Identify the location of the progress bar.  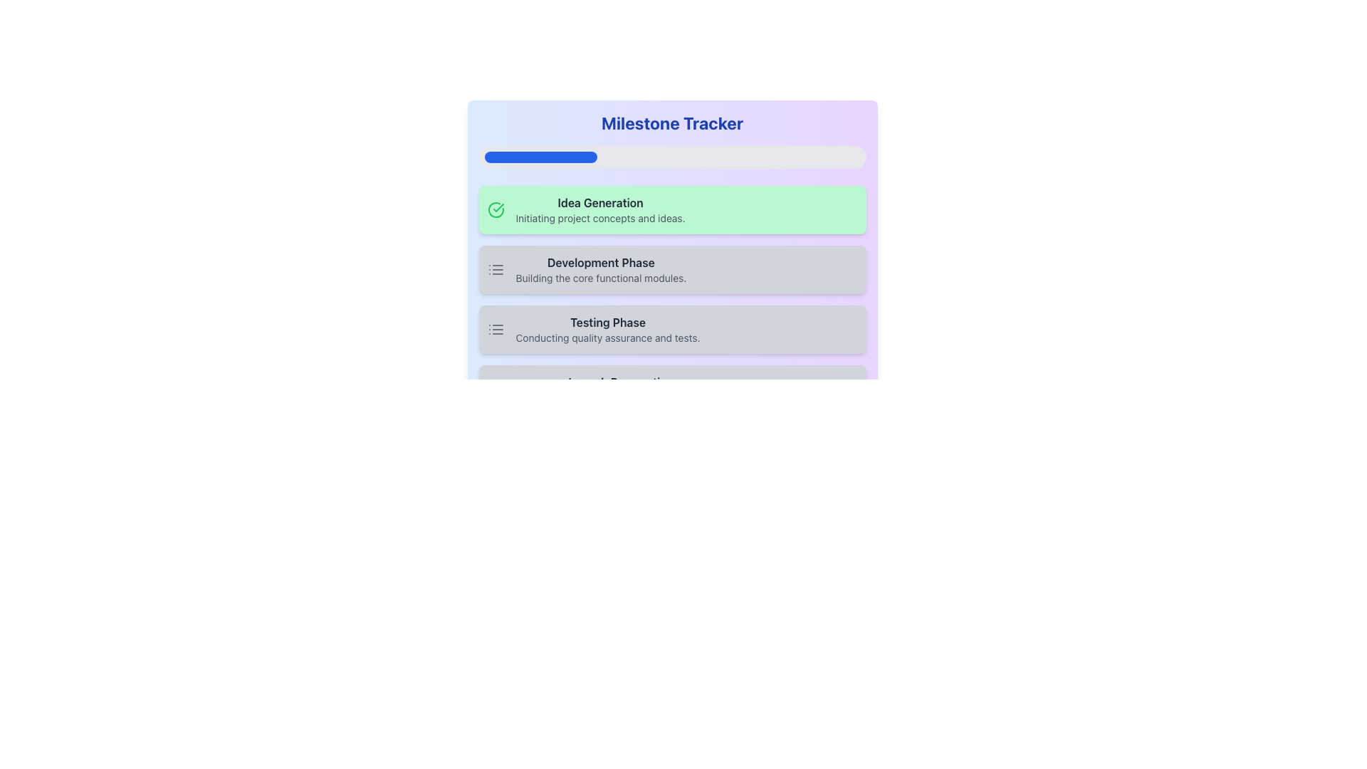
(857, 157).